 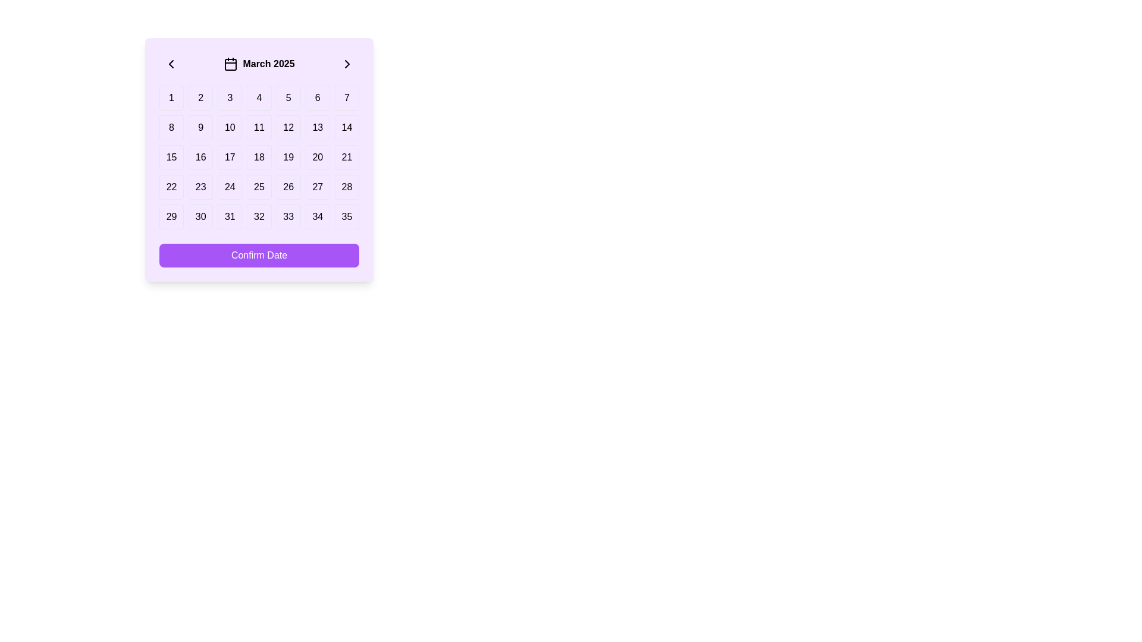 What do you see at coordinates (230, 217) in the screenshot?
I see `the Calendar day cell displaying the number '31'` at bounding box center [230, 217].